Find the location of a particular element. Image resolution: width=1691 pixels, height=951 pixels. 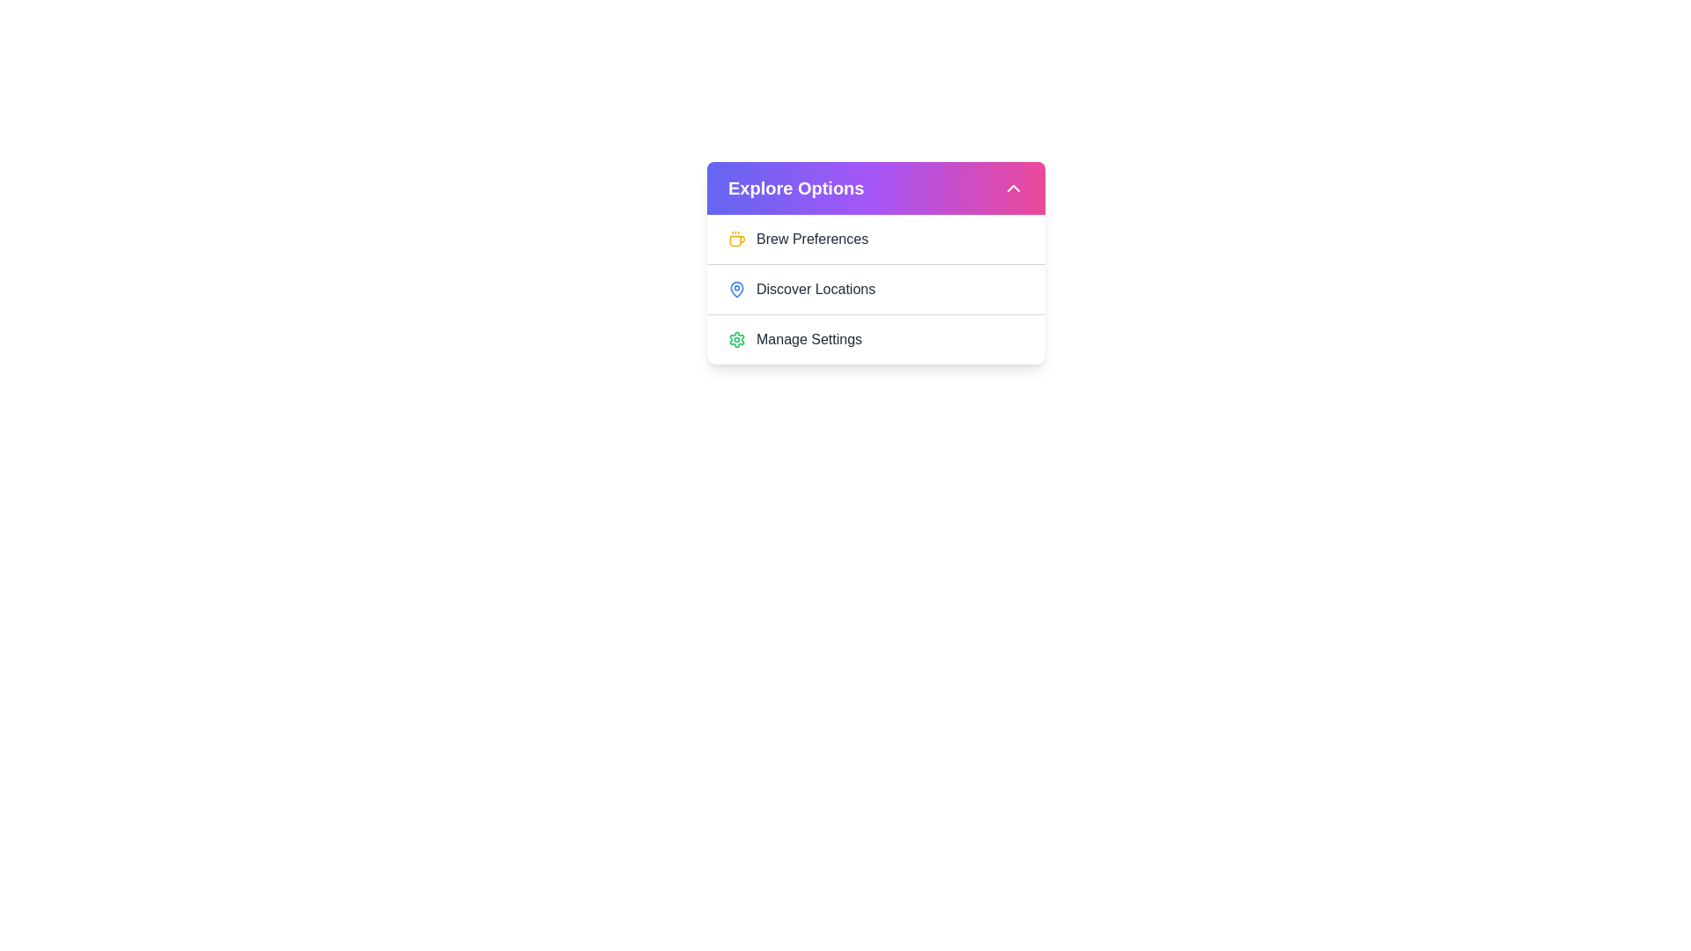

the 'Explore Options' button to toggle the dropdown menu is located at coordinates (875, 188).